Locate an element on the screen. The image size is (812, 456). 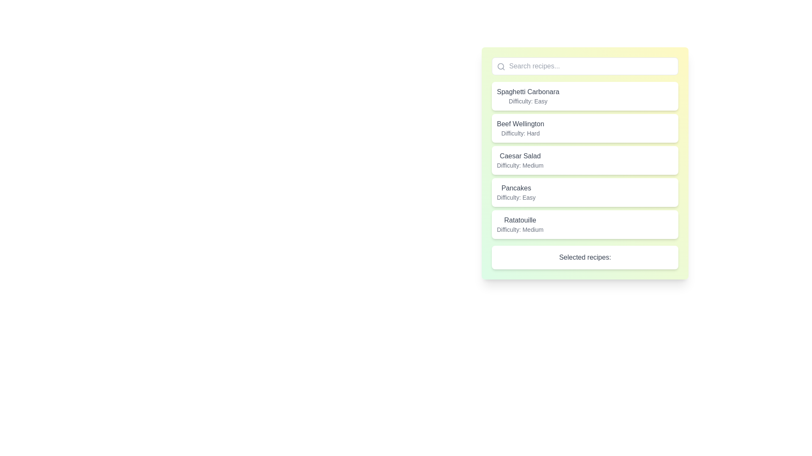
the input field associated with the search icon represented by a magnifying glass SVG graphic, located at the beginning of the search input field is located at coordinates (501, 66).